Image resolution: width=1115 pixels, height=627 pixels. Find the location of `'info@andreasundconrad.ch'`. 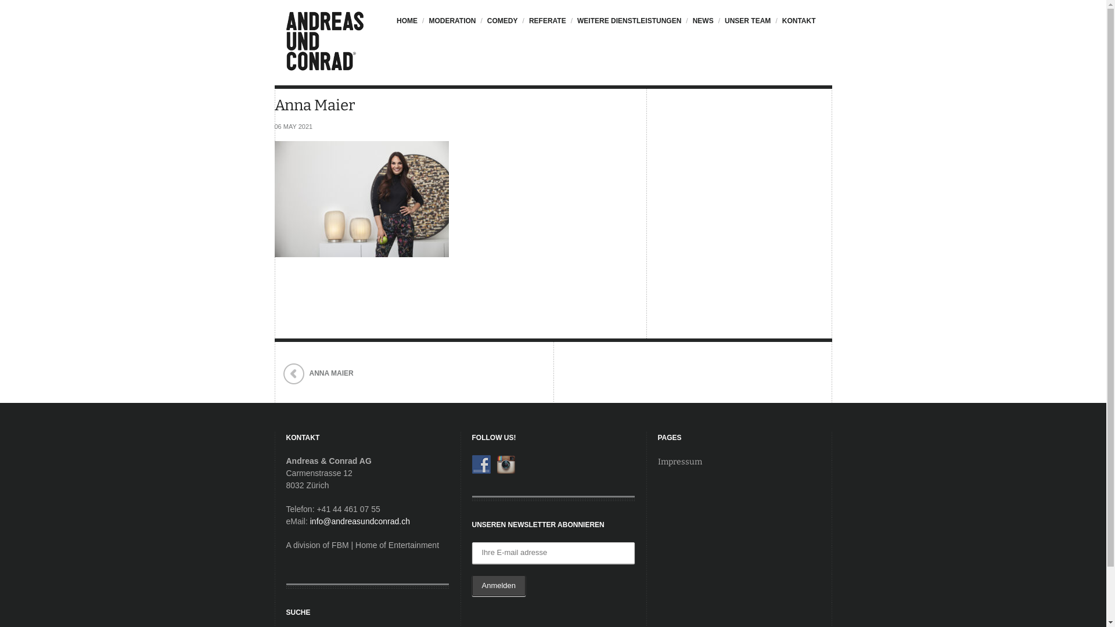

'info@andreasundconrad.ch' is located at coordinates (359, 521).